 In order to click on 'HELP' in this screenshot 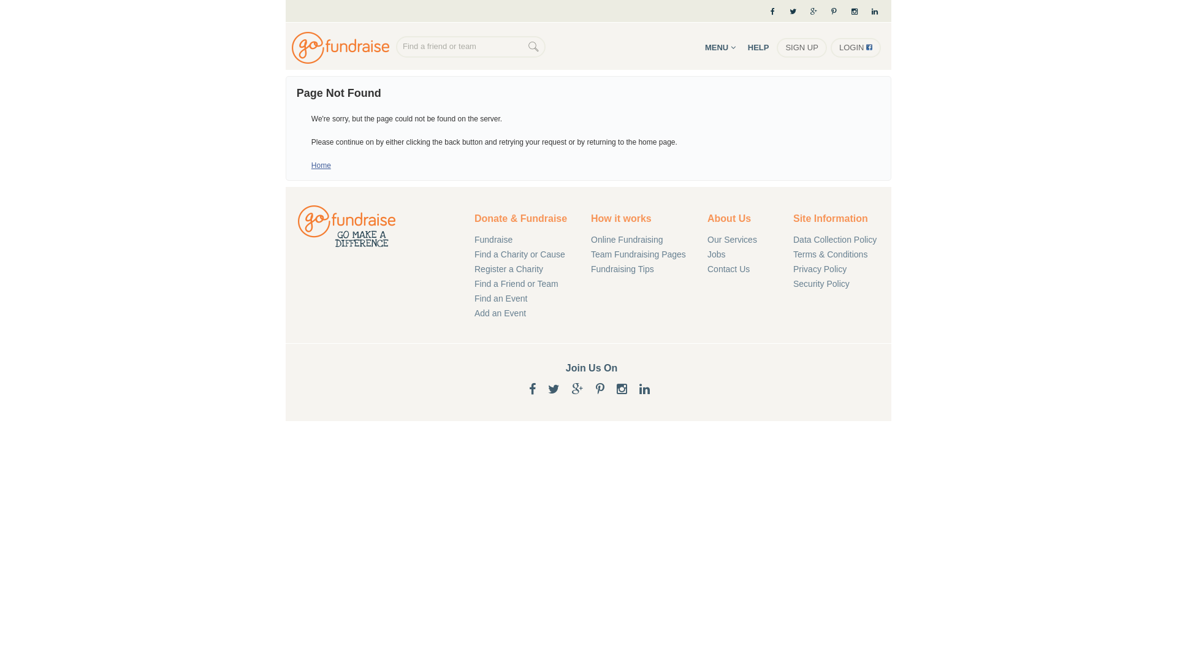, I will do `click(758, 47)`.